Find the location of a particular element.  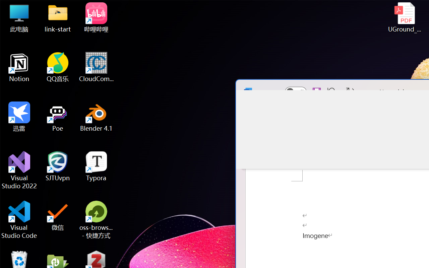

'Visual Studio 2022' is located at coordinates (19, 170).